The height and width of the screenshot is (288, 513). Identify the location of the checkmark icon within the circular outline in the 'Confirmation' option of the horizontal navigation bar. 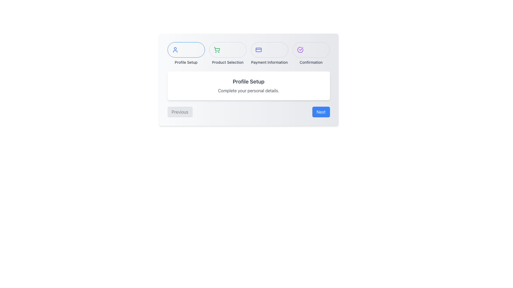
(301, 49).